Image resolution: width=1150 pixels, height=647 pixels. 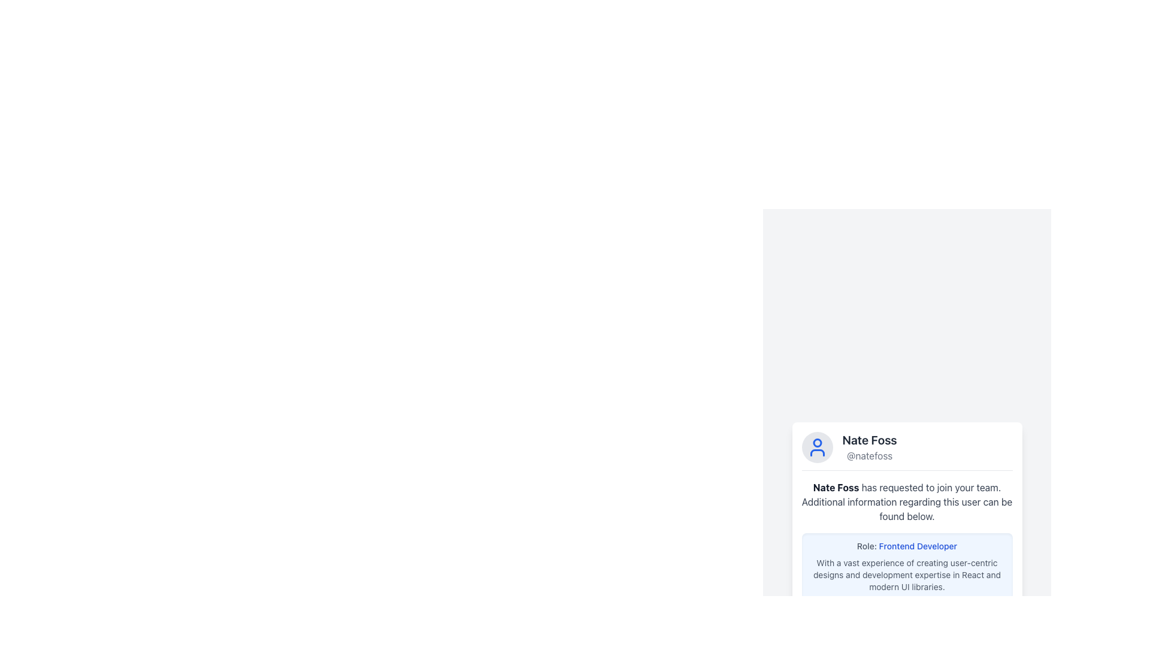 I want to click on the informational Text label indicating the user's role as 'Frontend Developer', which is positioned in the lower-center part of the visible card layout, so click(x=917, y=545).